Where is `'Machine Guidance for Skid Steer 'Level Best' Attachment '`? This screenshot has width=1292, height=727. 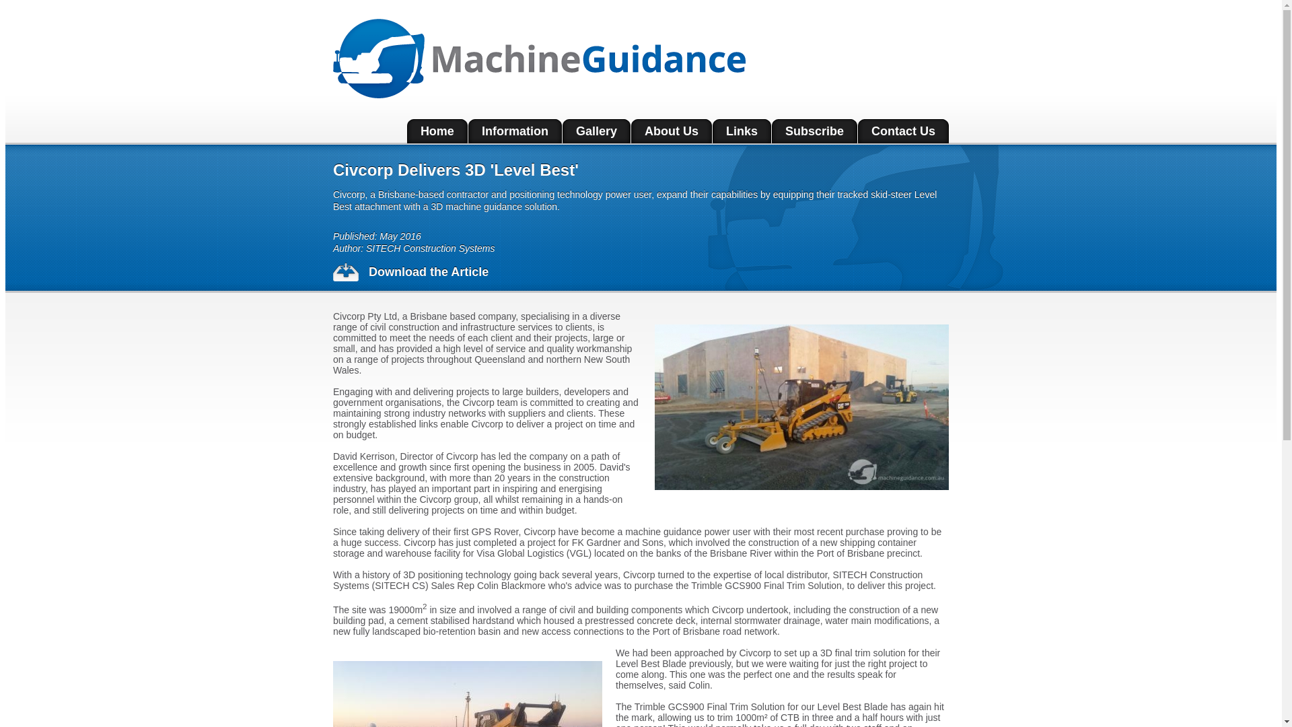 'Machine Guidance for Skid Steer 'Level Best' Attachment ' is located at coordinates (801, 407).